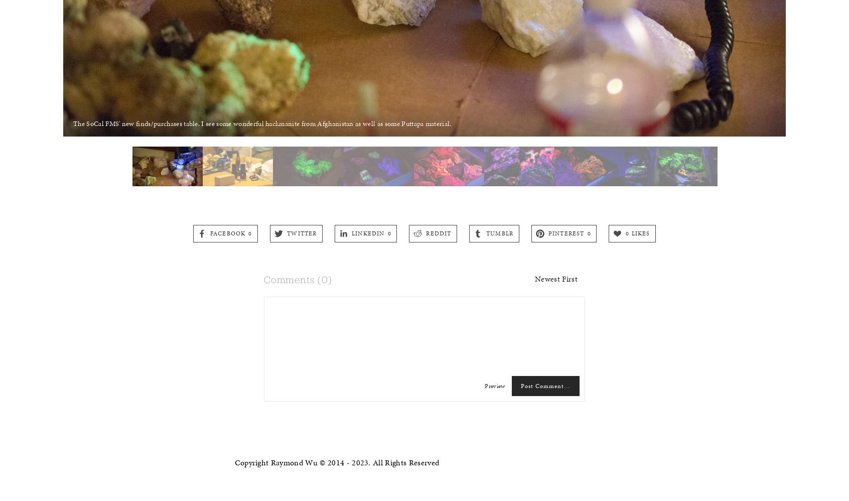 Image resolution: width=849 pixels, height=501 pixels. What do you see at coordinates (293, 462) in the screenshot?
I see `'Copyright Raymond Wu © 2014 -'` at bounding box center [293, 462].